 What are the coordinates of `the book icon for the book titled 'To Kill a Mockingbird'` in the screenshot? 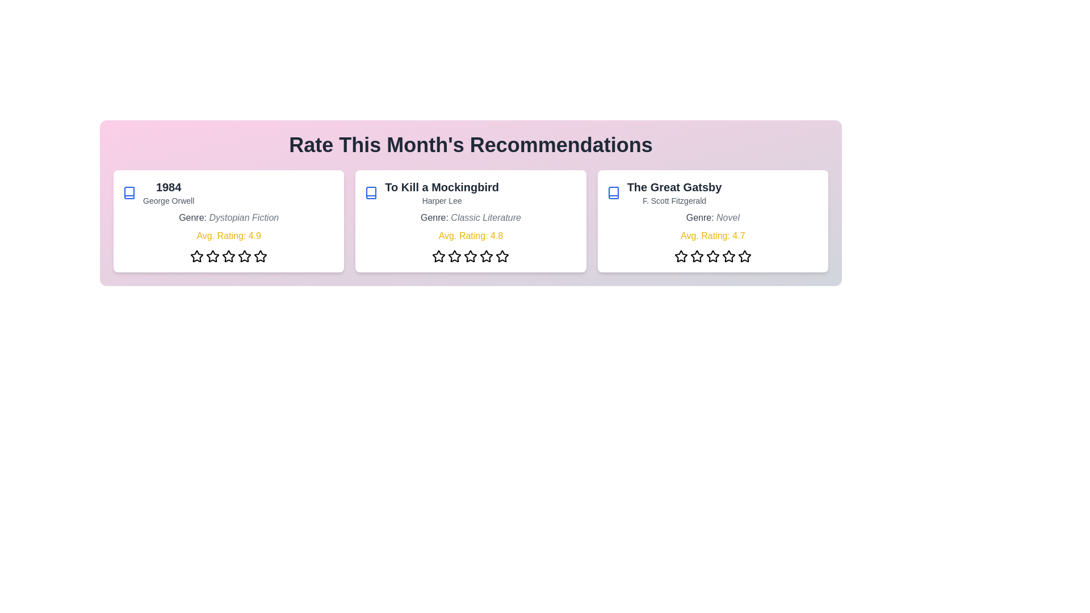 It's located at (371, 192).